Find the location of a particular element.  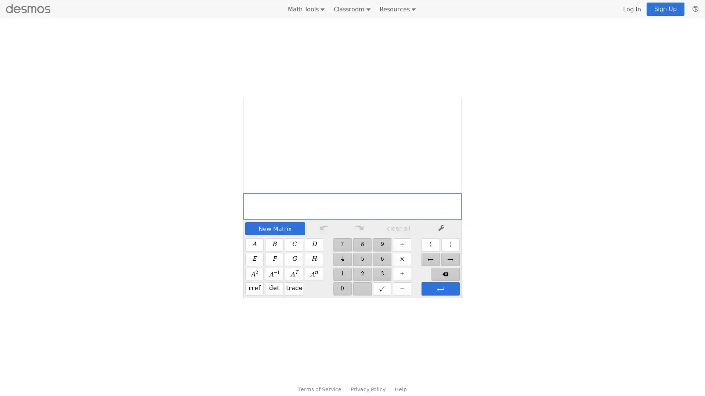

New Matrix is located at coordinates (274, 228).